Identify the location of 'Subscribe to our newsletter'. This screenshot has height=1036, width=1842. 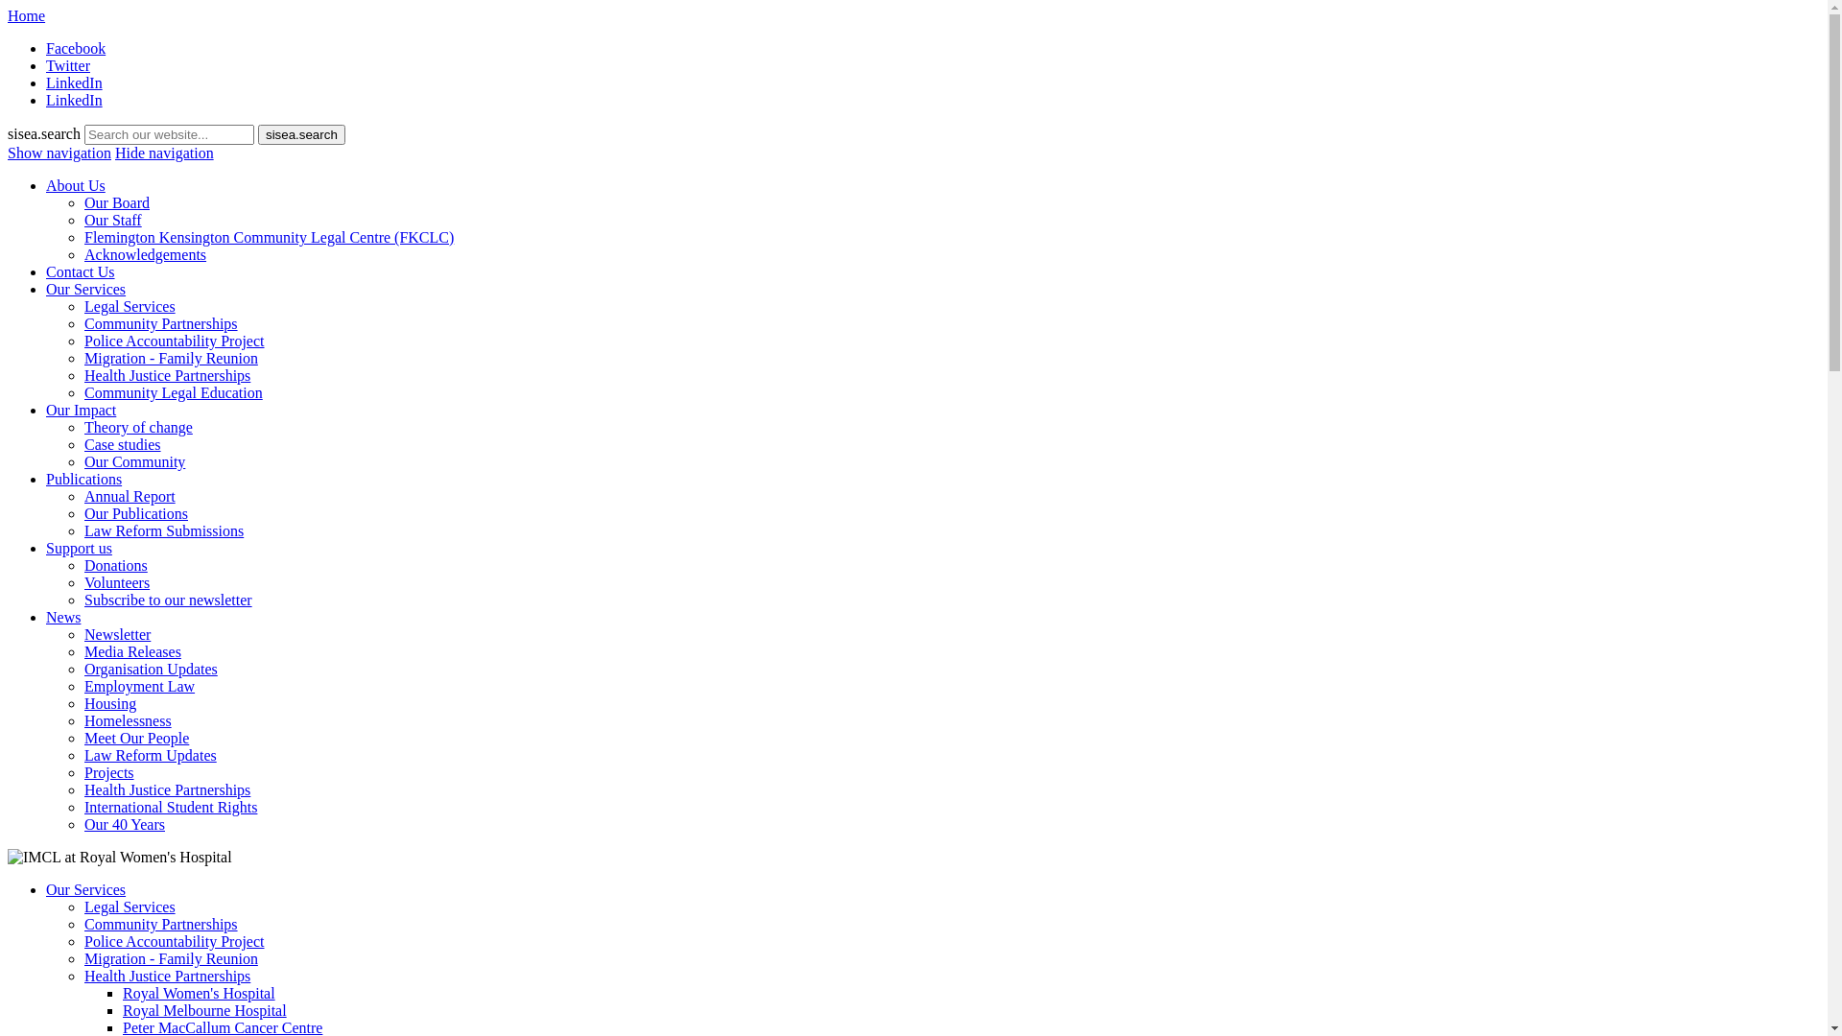
(83, 599).